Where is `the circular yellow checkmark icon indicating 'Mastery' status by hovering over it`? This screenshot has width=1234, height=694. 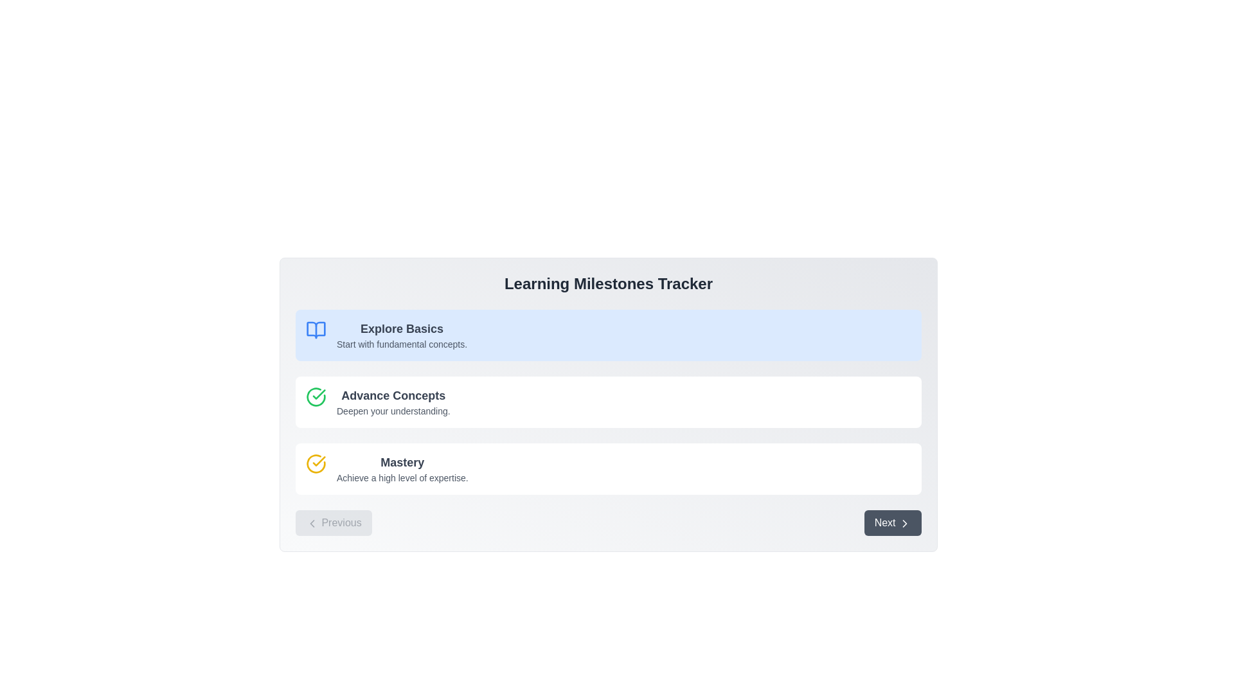
the circular yellow checkmark icon indicating 'Mastery' status by hovering over it is located at coordinates (316, 463).